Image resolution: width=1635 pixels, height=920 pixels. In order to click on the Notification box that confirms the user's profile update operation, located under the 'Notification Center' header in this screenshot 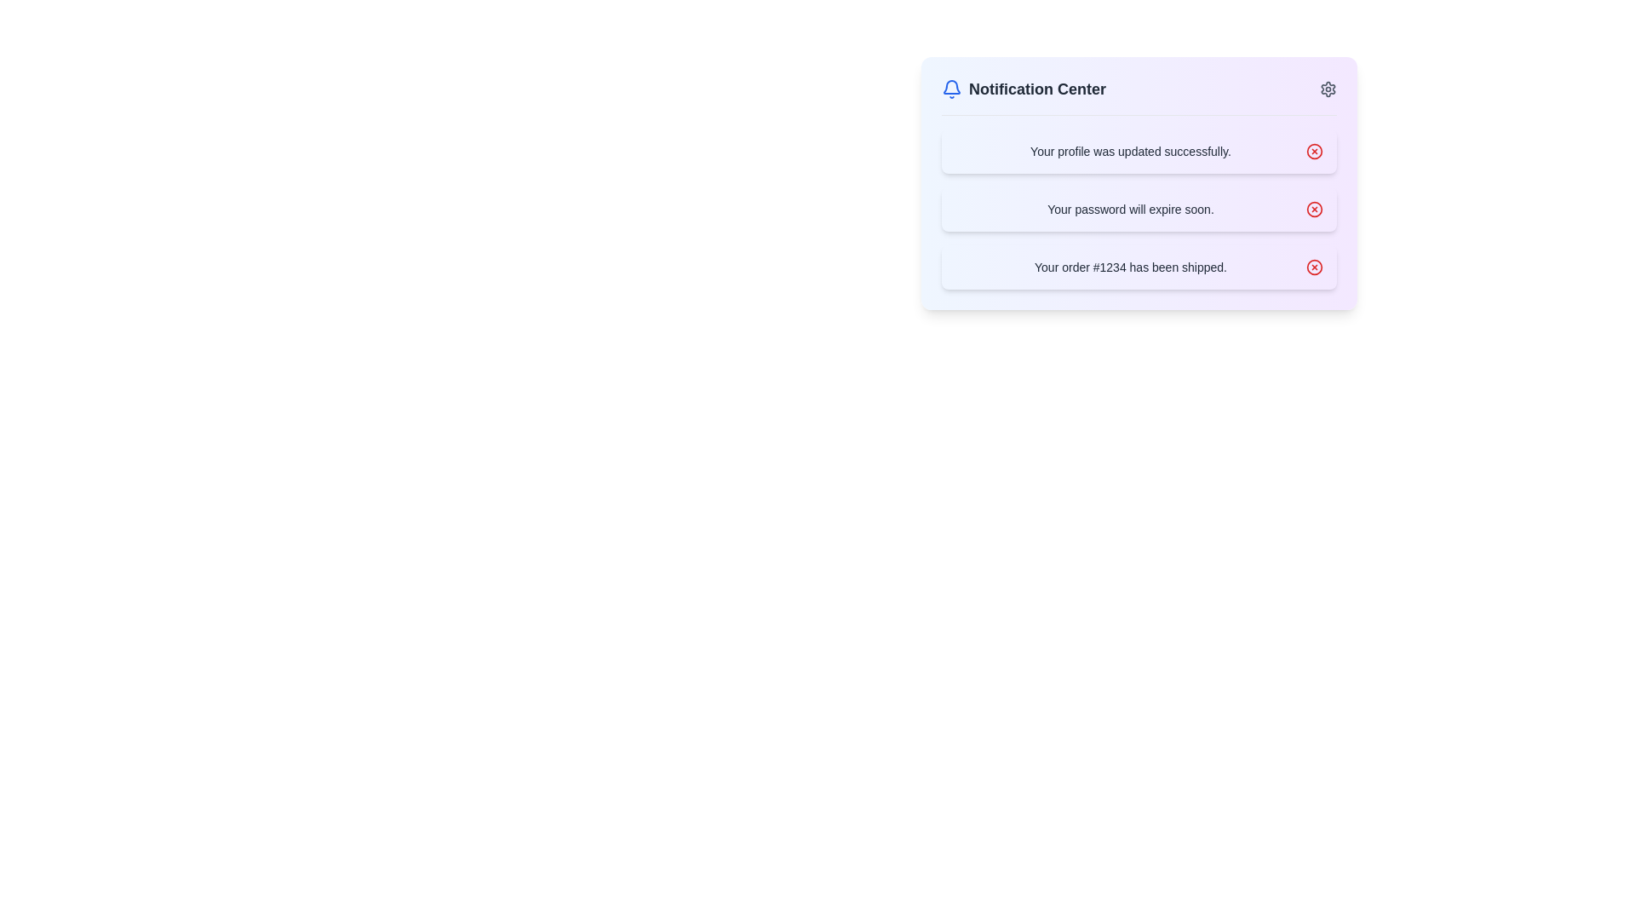, I will do `click(1139, 150)`.